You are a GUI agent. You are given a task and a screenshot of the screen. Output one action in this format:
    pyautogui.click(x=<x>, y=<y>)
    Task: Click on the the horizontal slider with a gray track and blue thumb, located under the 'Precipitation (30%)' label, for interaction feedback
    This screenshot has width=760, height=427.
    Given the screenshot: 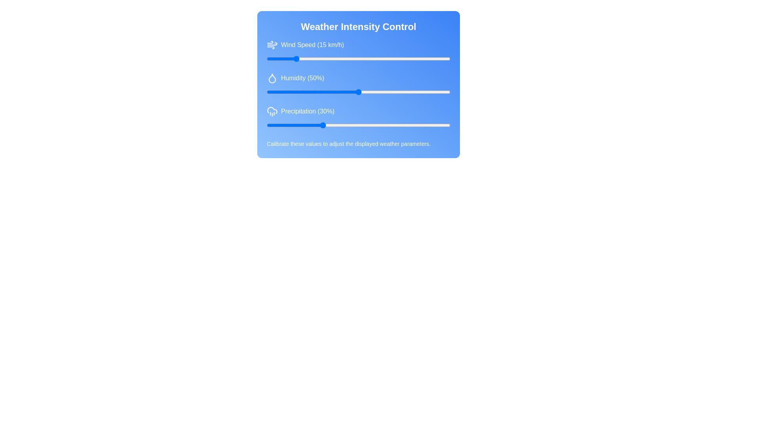 What is the action you would take?
    pyautogui.click(x=358, y=125)
    